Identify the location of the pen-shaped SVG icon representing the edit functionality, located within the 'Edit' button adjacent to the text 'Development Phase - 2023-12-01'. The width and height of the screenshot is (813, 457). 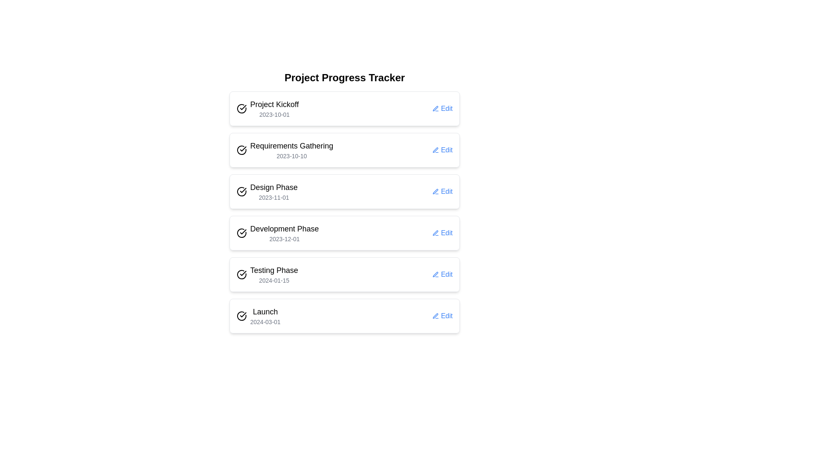
(436, 233).